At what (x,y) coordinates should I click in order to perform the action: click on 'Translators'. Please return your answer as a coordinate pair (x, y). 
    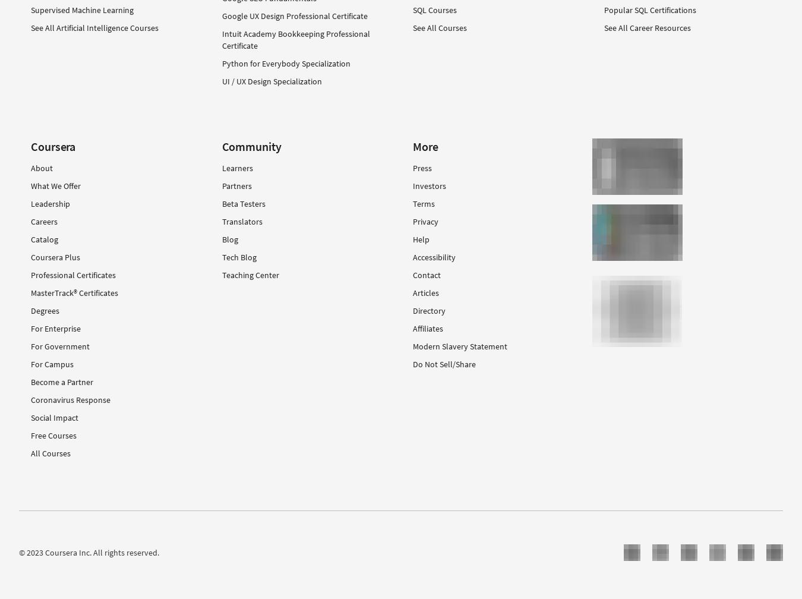
    Looking at the image, I should click on (242, 220).